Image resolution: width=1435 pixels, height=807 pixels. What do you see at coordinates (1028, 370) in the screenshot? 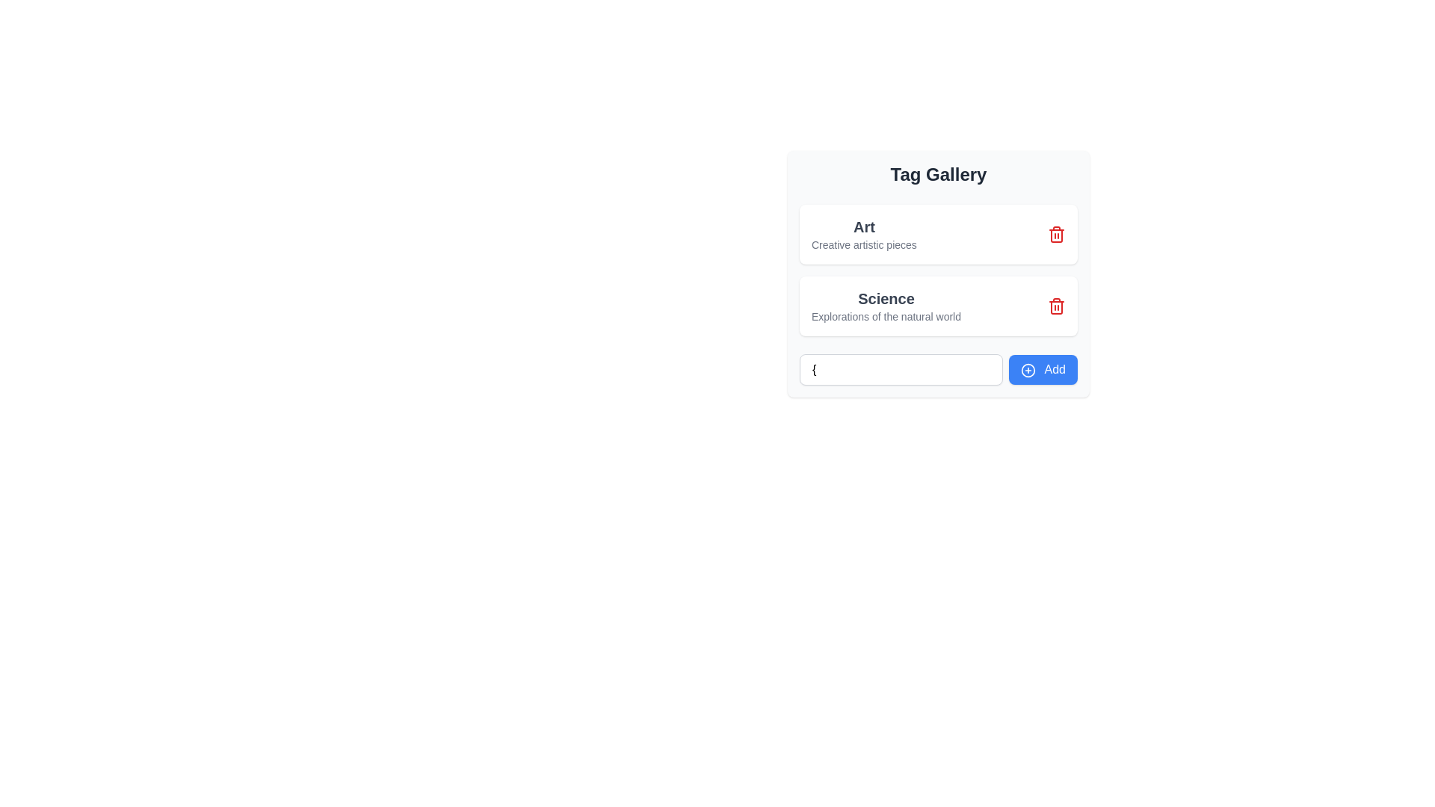
I see `the icon within the 'Add' button located at the bottom-right corner of the 'Tag Gallery' card` at bounding box center [1028, 370].